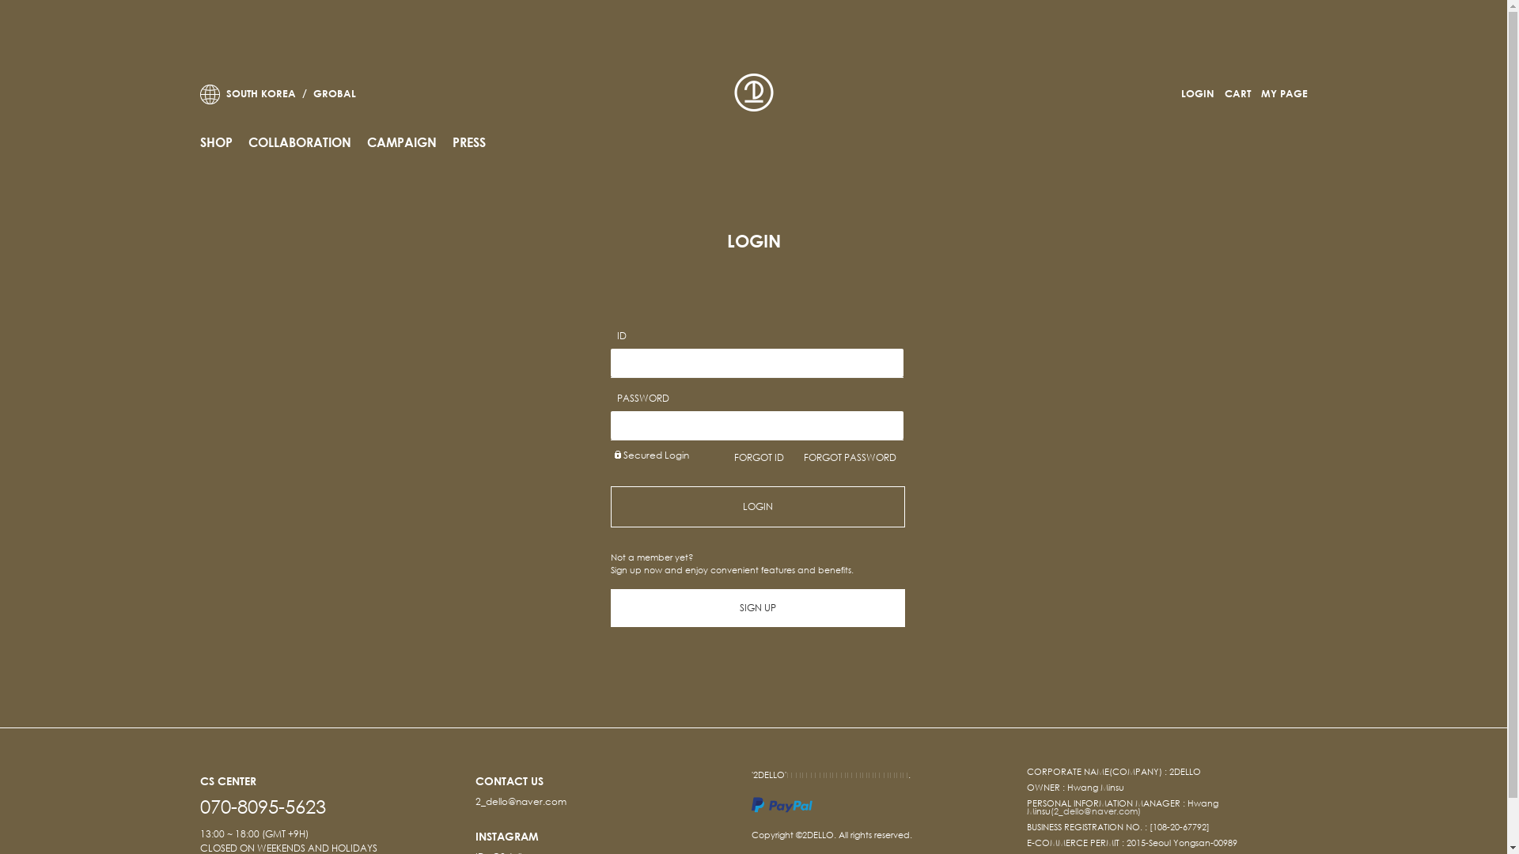  Describe the element at coordinates (849, 457) in the screenshot. I see `'FORGOT PASSWORD'` at that location.